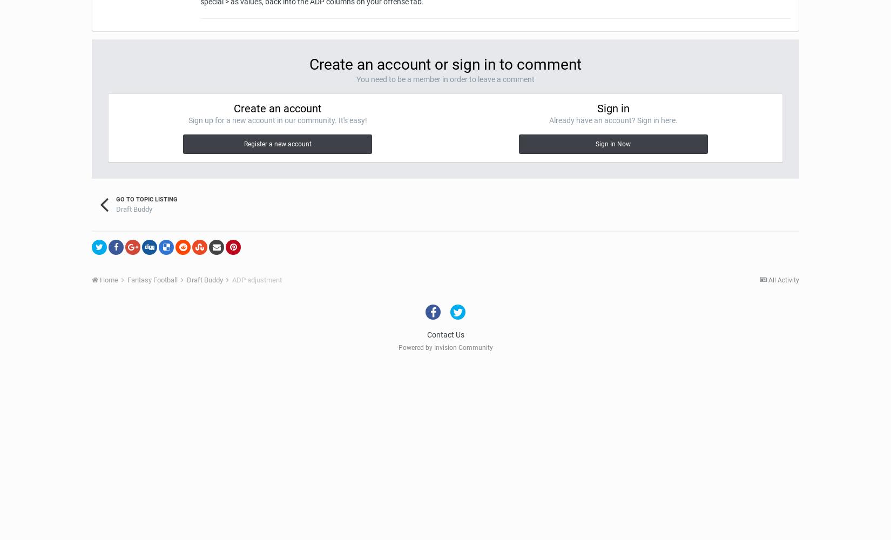  Describe the element at coordinates (446, 79) in the screenshot. I see `'You need to be a member in order to leave a comment'` at that location.